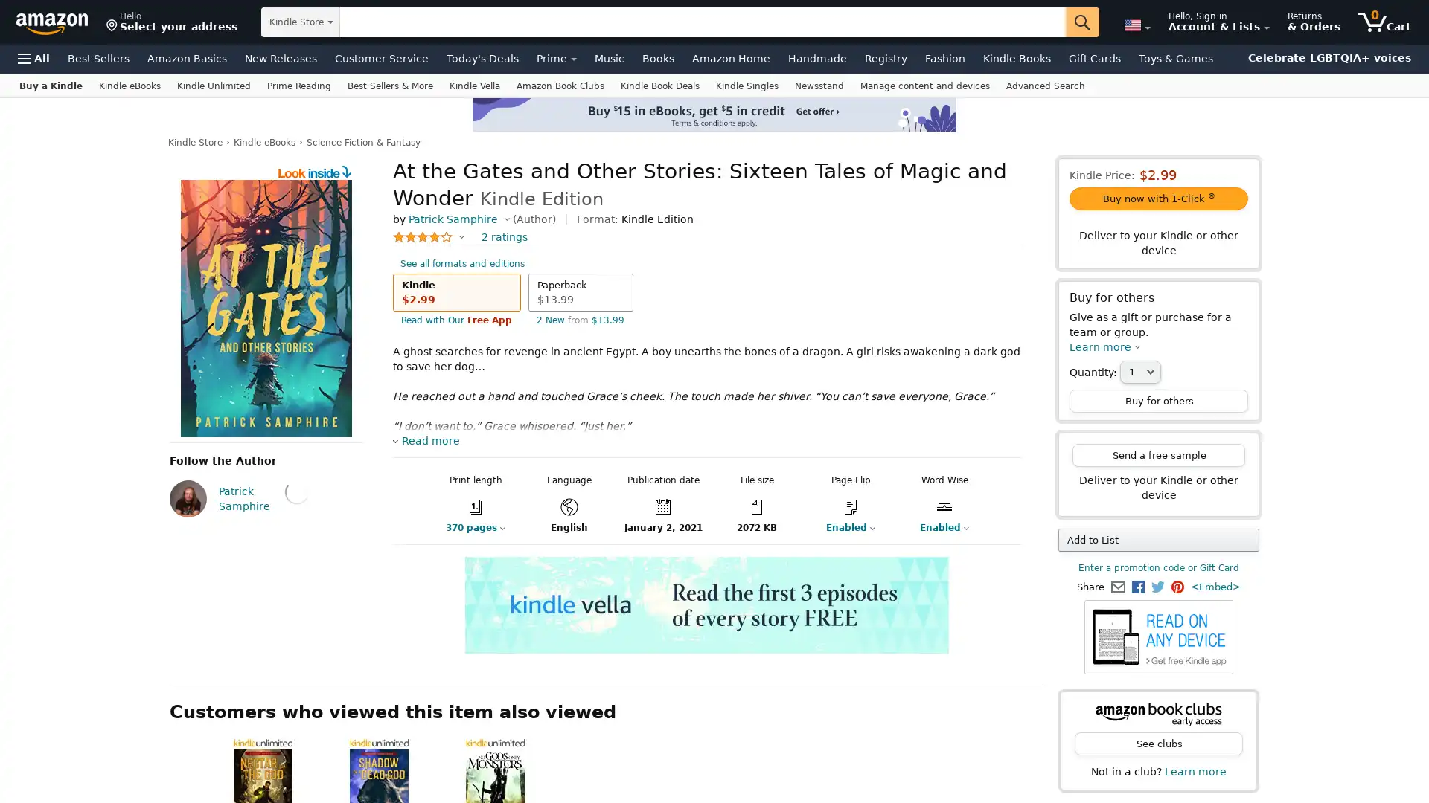  I want to click on Open Menu, so click(33, 57).